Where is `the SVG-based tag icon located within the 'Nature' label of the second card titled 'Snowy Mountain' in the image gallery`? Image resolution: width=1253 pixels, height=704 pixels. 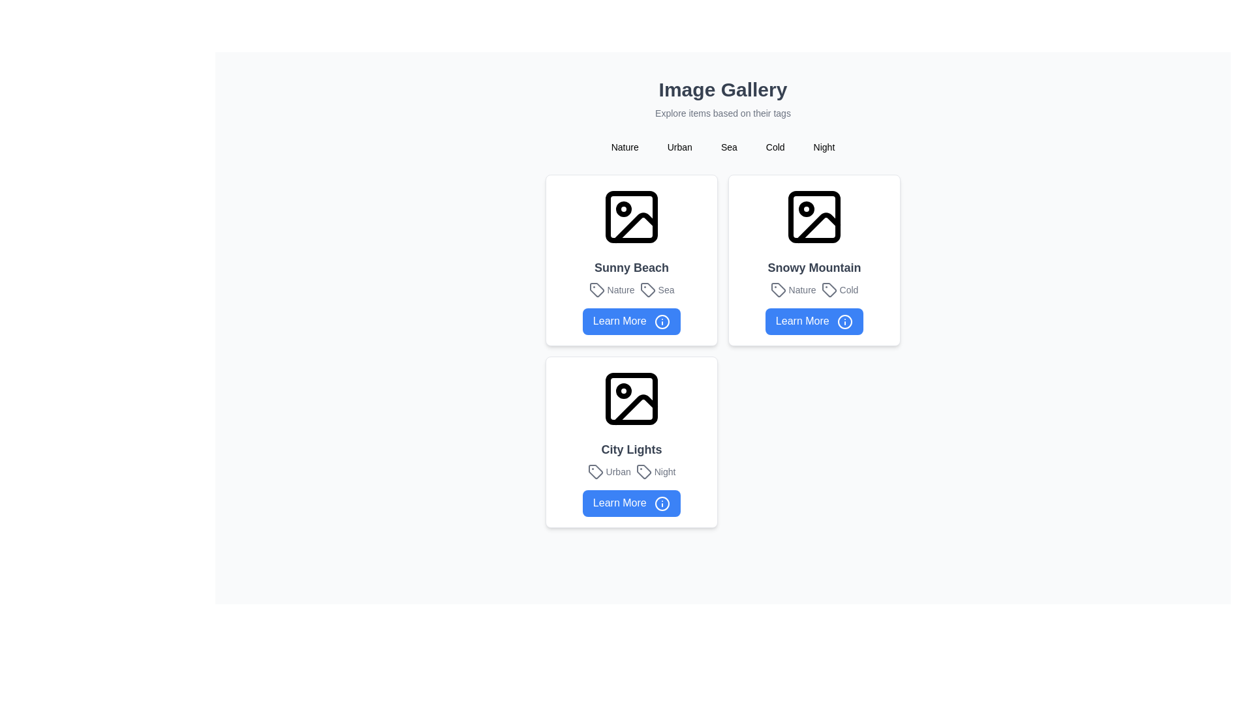
the SVG-based tag icon located within the 'Nature' label of the second card titled 'Snowy Mountain' in the image gallery is located at coordinates (778, 289).